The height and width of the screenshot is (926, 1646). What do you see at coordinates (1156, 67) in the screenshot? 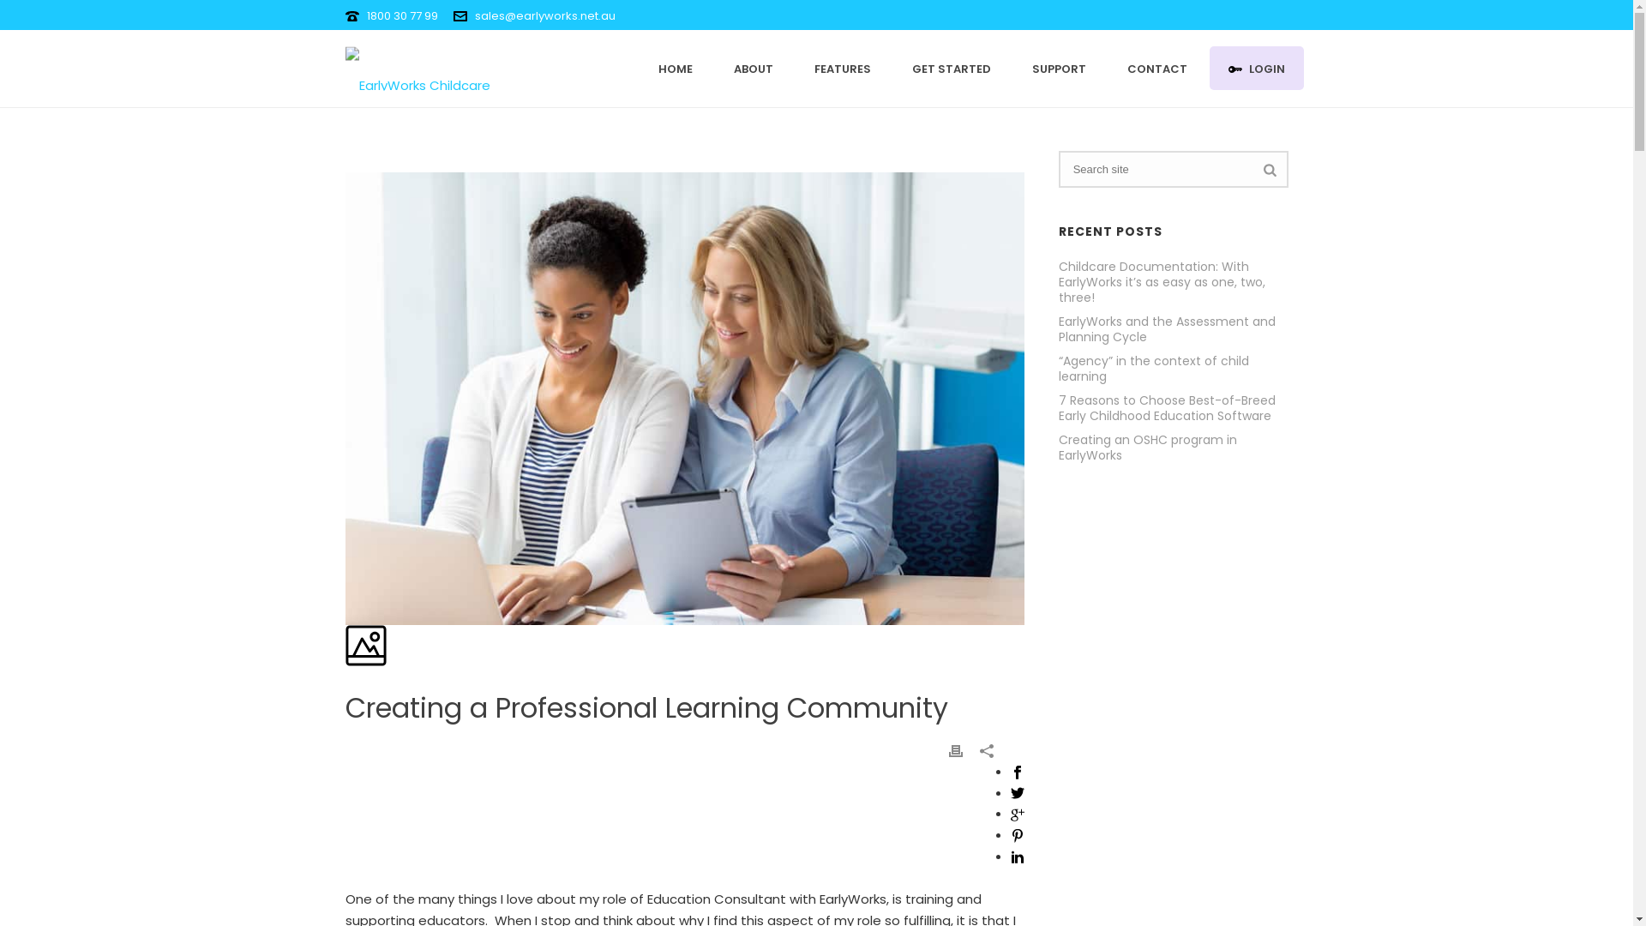
I see `'CONTACT'` at bounding box center [1156, 67].